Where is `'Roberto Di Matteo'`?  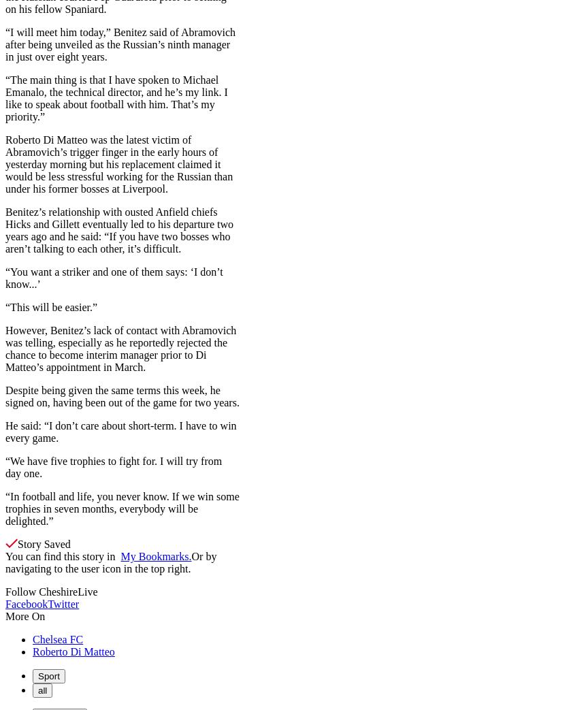 'Roberto Di Matteo' is located at coordinates (74, 650).